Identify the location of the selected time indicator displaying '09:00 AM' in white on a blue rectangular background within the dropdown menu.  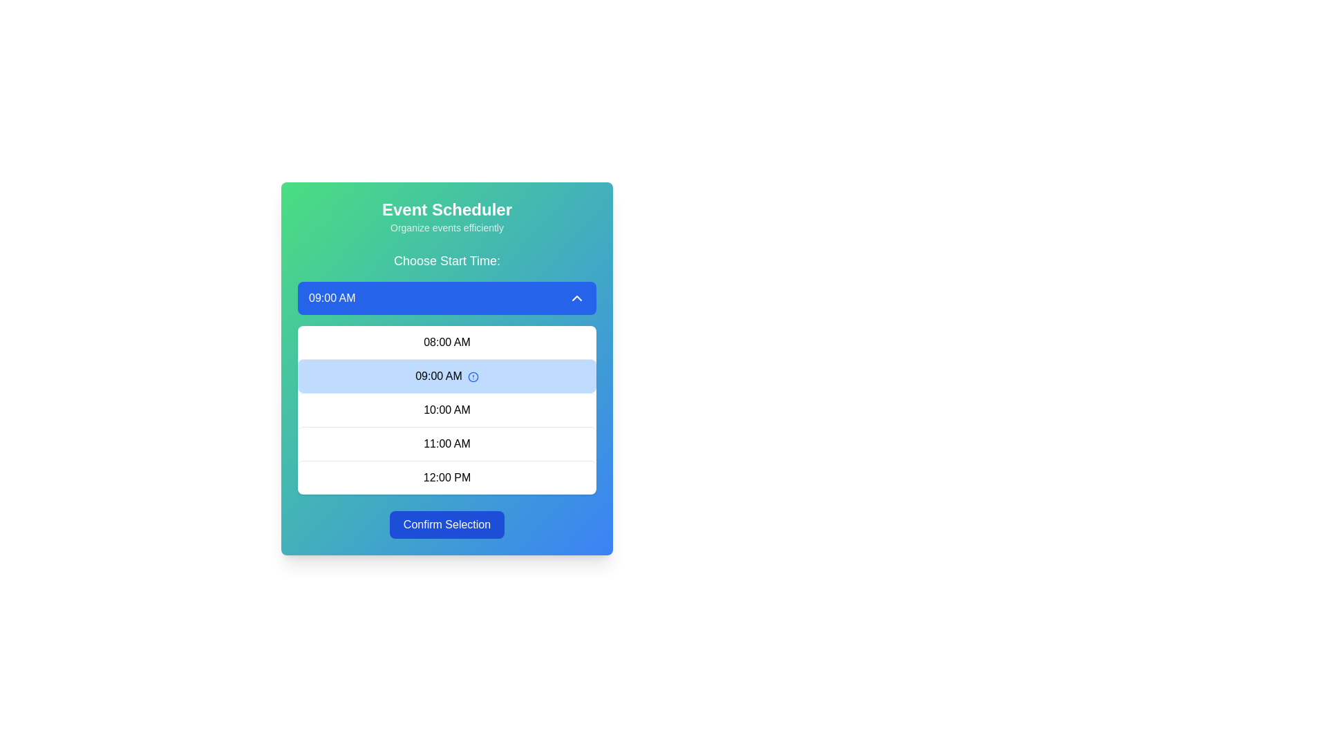
(332, 298).